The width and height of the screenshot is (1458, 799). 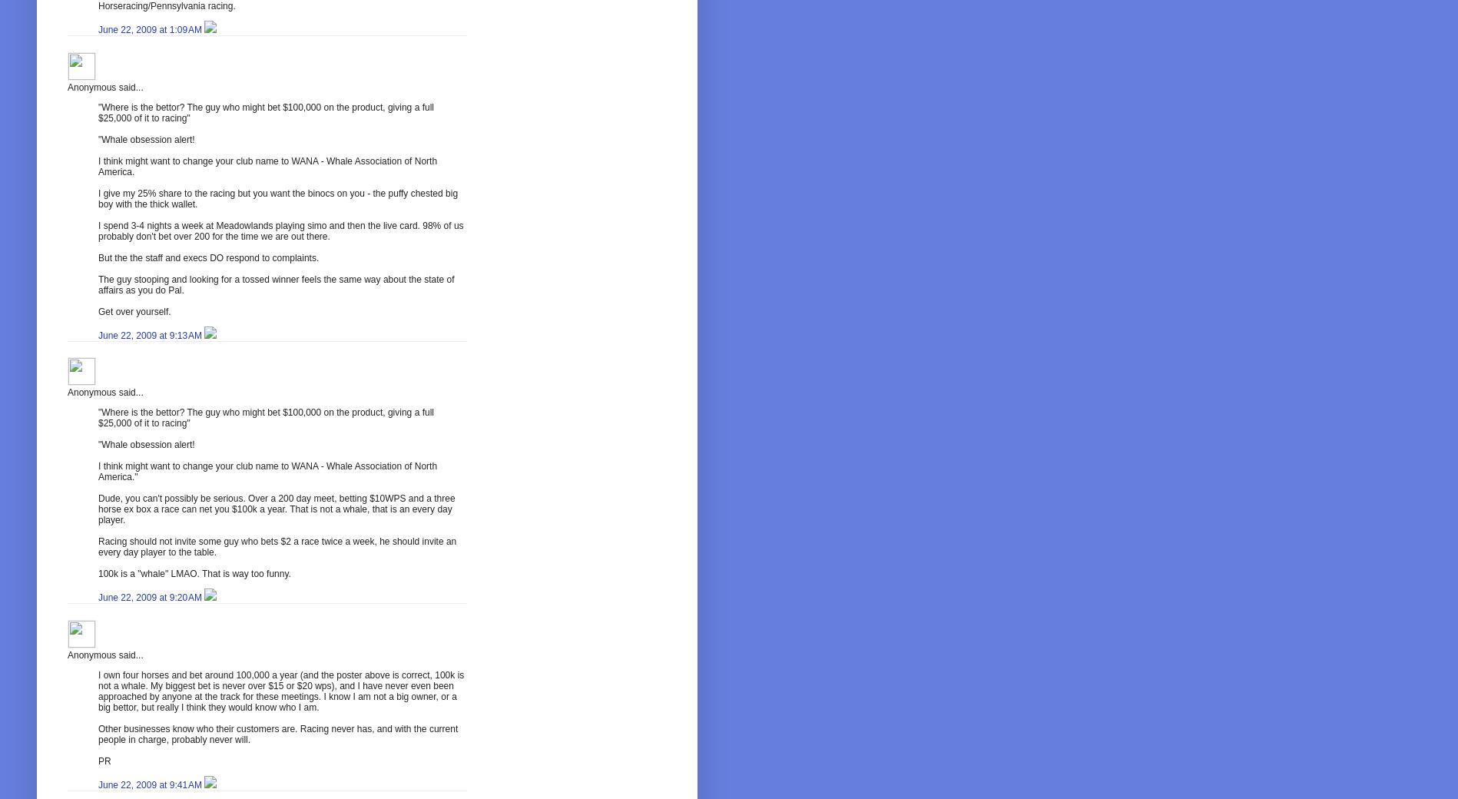 What do you see at coordinates (277, 734) in the screenshot?
I see `'Other businesses know who their customers are. Racing never has, and with the current people in charge, probably never will.'` at bounding box center [277, 734].